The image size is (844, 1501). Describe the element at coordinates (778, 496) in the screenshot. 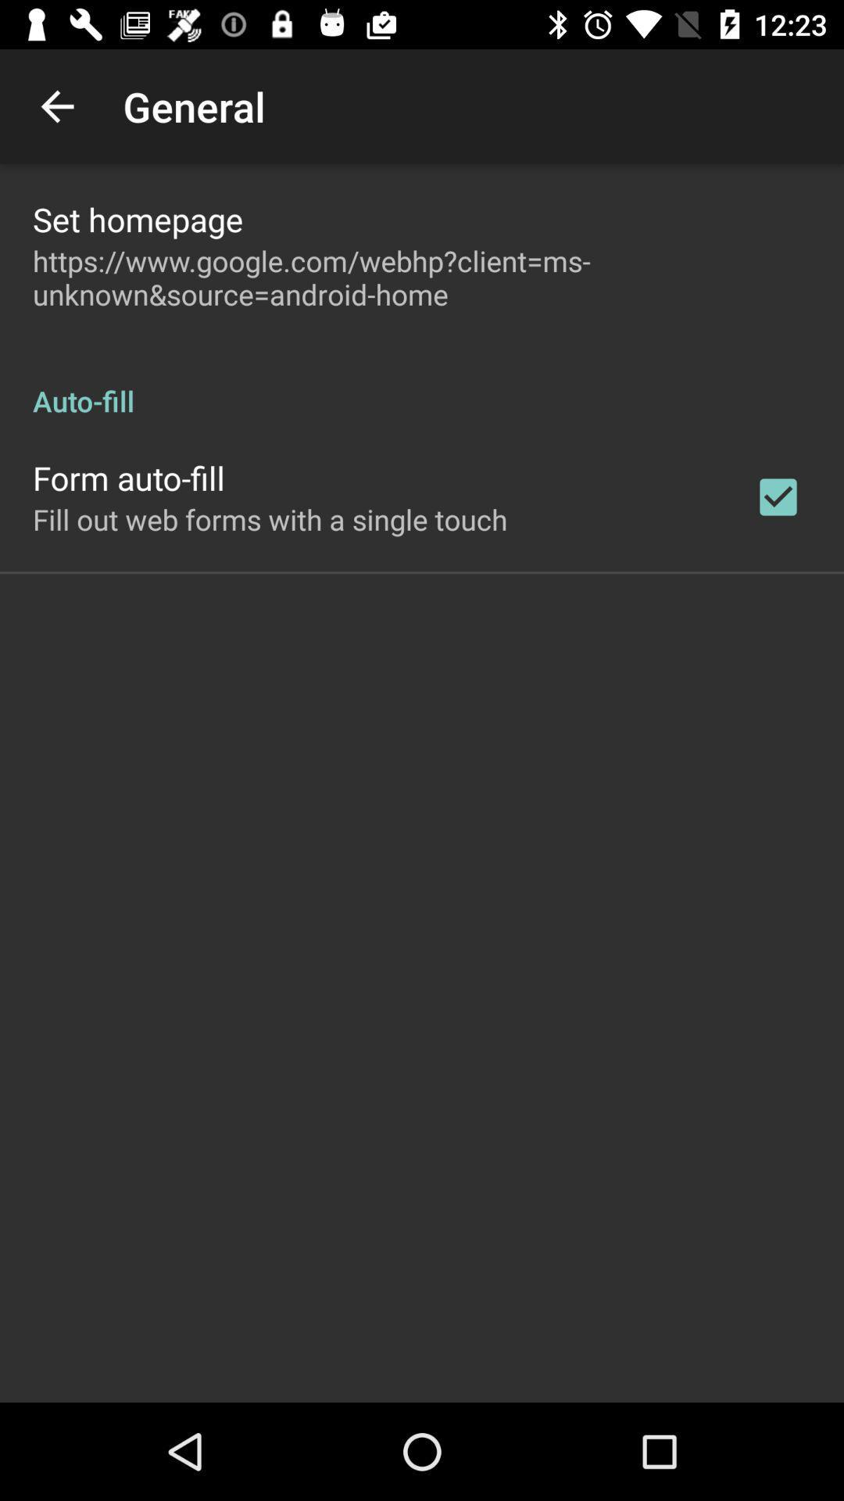

I see `item to the right of the fill out web app` at that location.